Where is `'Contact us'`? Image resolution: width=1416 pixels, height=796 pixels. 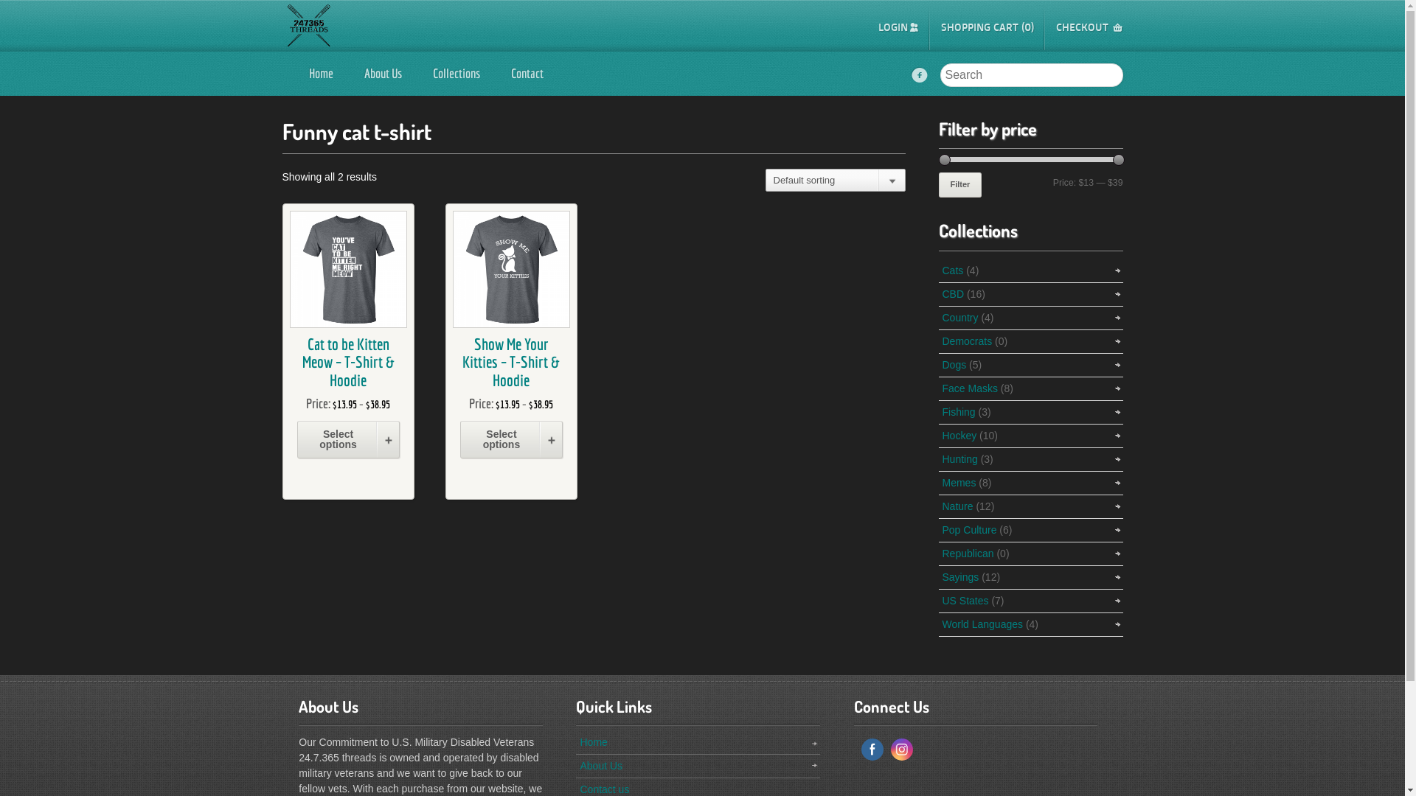
'Contact us' is located at coordinates (604, 789).